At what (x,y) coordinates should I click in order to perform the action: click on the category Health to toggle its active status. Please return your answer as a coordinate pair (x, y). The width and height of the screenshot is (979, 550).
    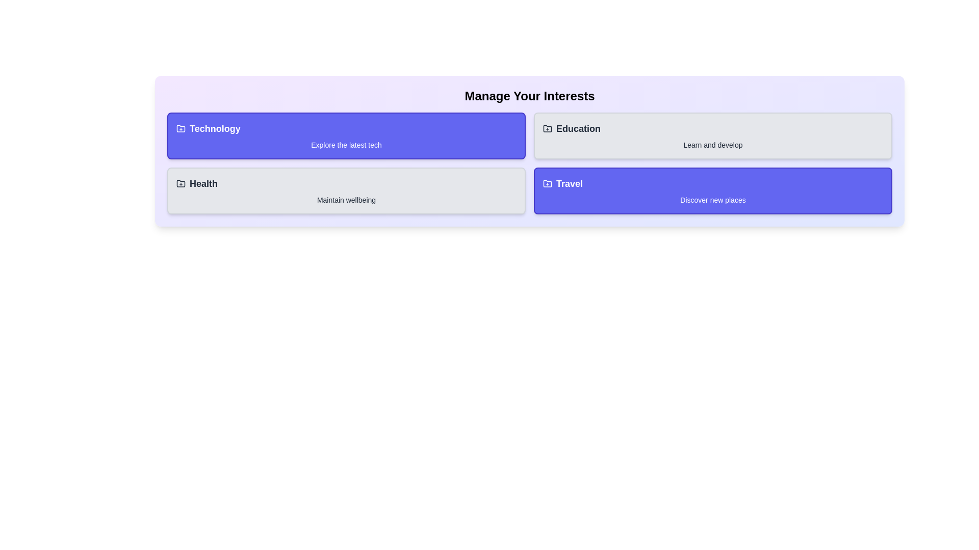
    Looking at the image, I should click on (346, 190).